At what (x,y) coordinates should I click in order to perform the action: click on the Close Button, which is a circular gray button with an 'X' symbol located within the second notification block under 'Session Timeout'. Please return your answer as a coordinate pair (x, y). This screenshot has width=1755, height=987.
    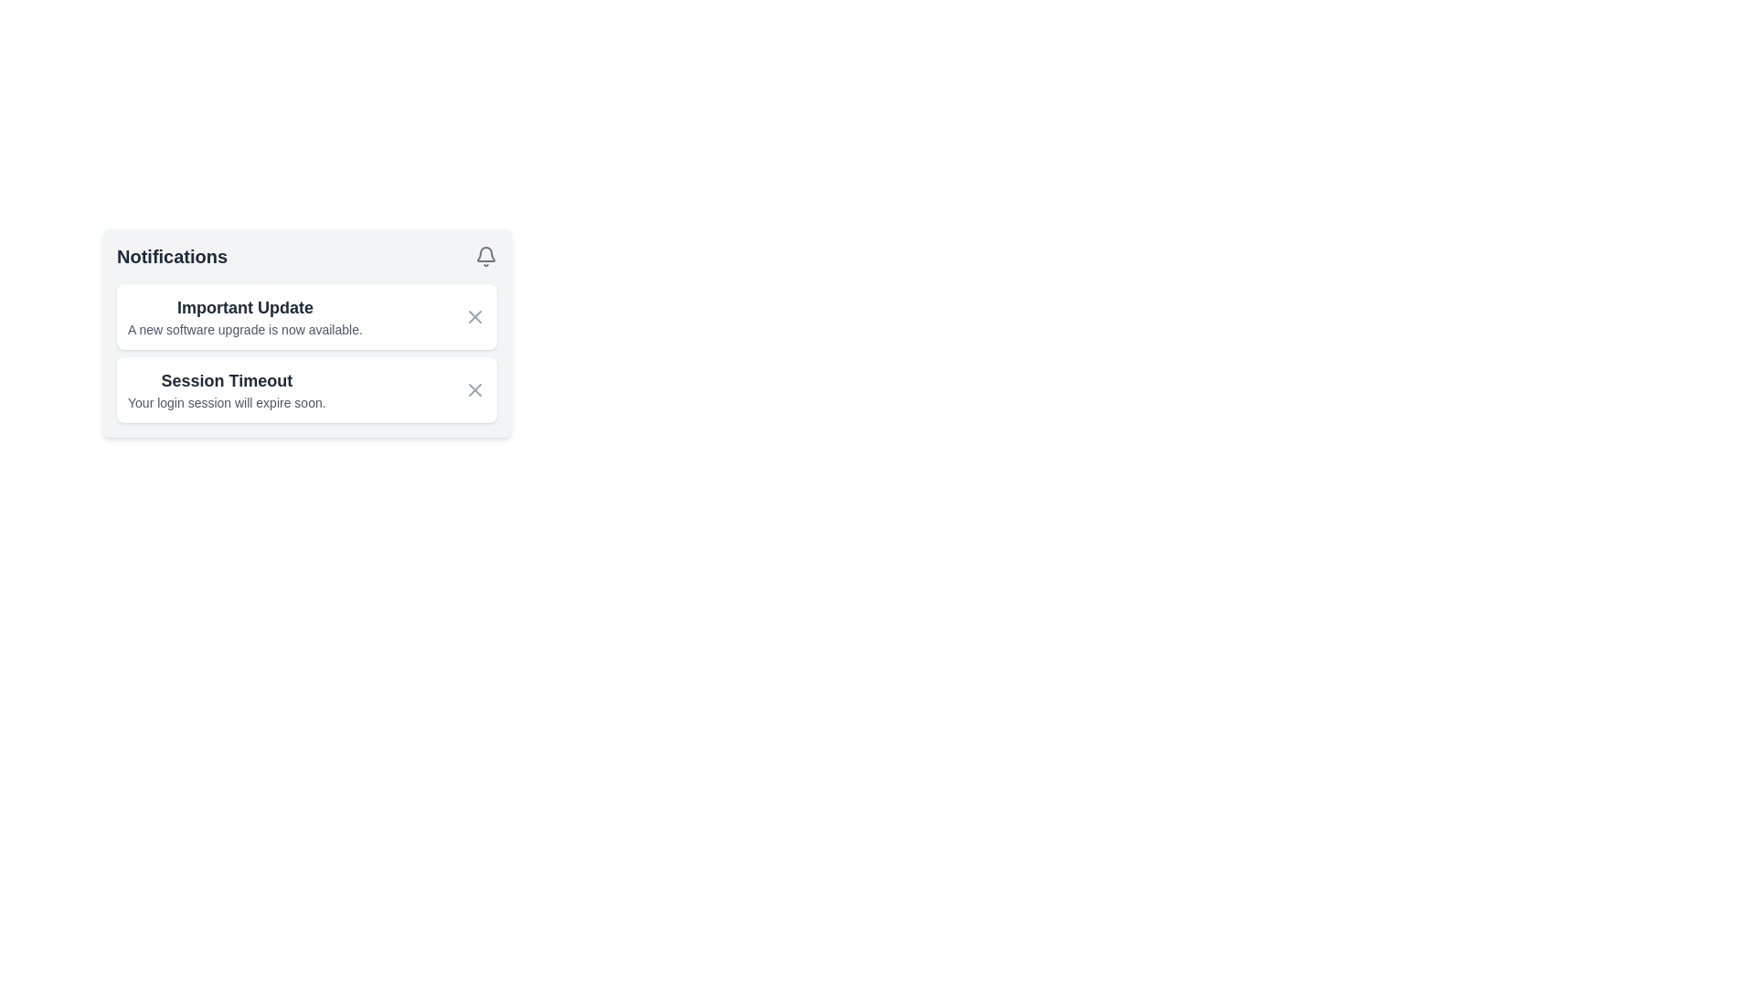
    Looking at the image, I should click on (474, 389).